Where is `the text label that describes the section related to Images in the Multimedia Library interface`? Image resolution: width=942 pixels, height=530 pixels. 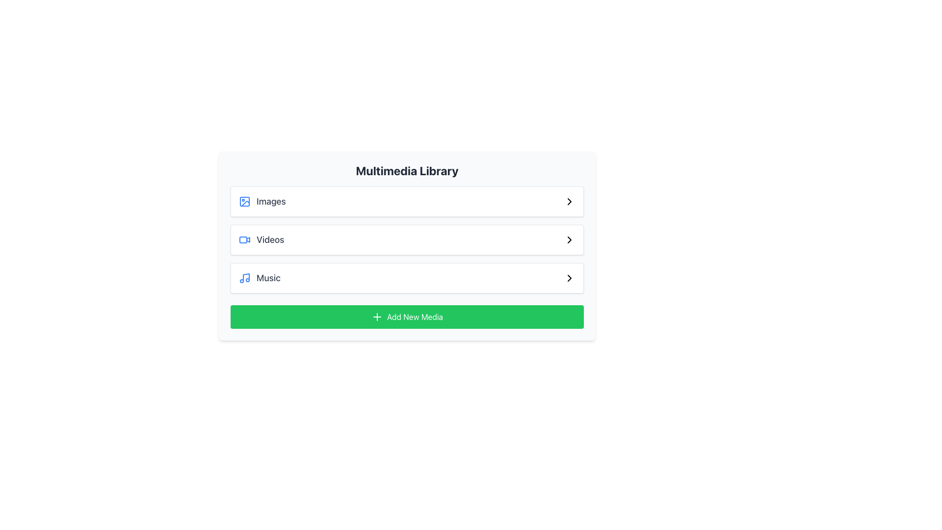 the text label that describes the section related to Images in the Multimedia Library interface is located at coordinates (271, 201).